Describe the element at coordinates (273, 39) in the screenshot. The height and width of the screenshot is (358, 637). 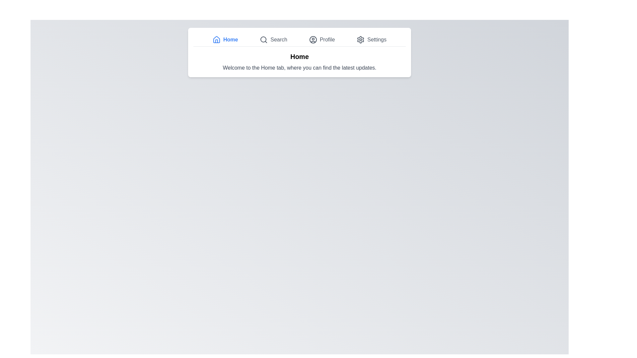
I see `the Navigation button located in the top navigation bar, positioned between 'Home' and 'Profile', to activate its styling` at that location.